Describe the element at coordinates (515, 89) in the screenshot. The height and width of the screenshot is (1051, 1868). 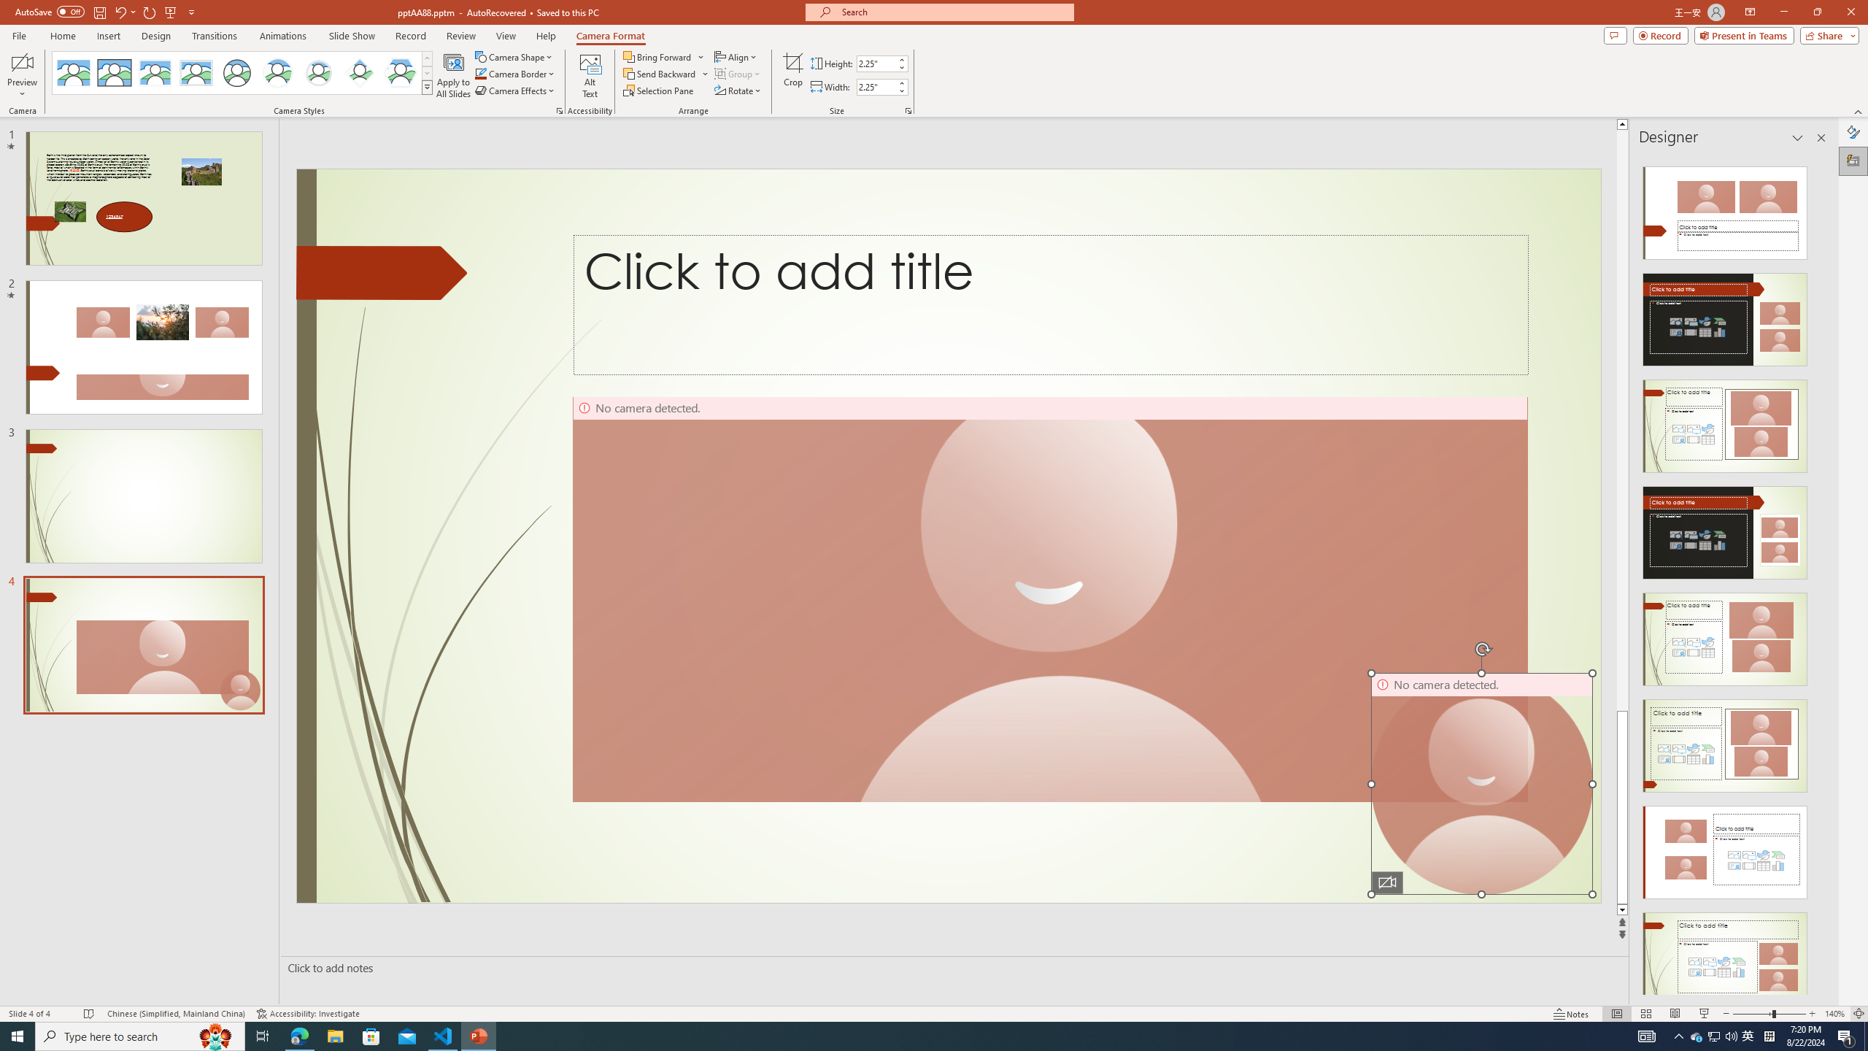
I see `'Camera Effects'` at that location.